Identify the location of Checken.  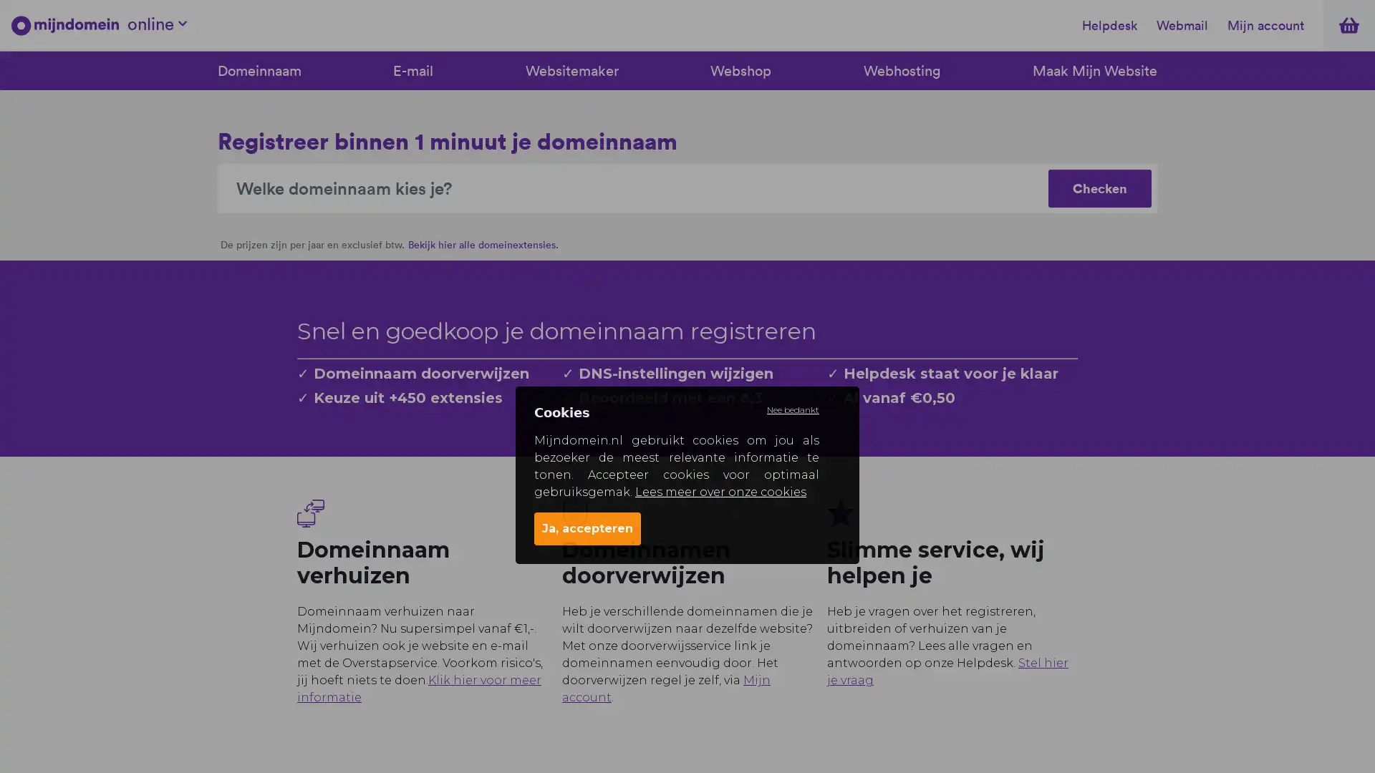
(1099, 188).